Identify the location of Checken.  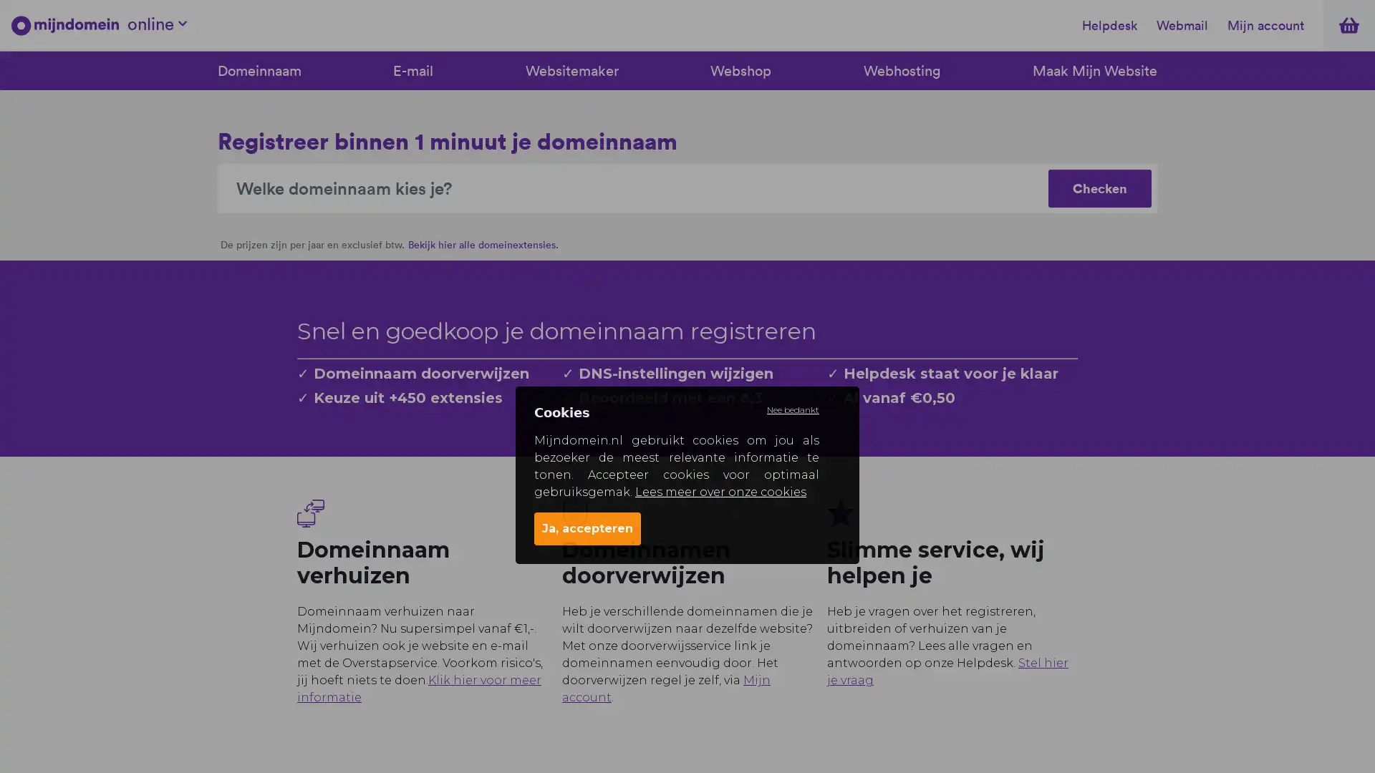
(1099, 188).